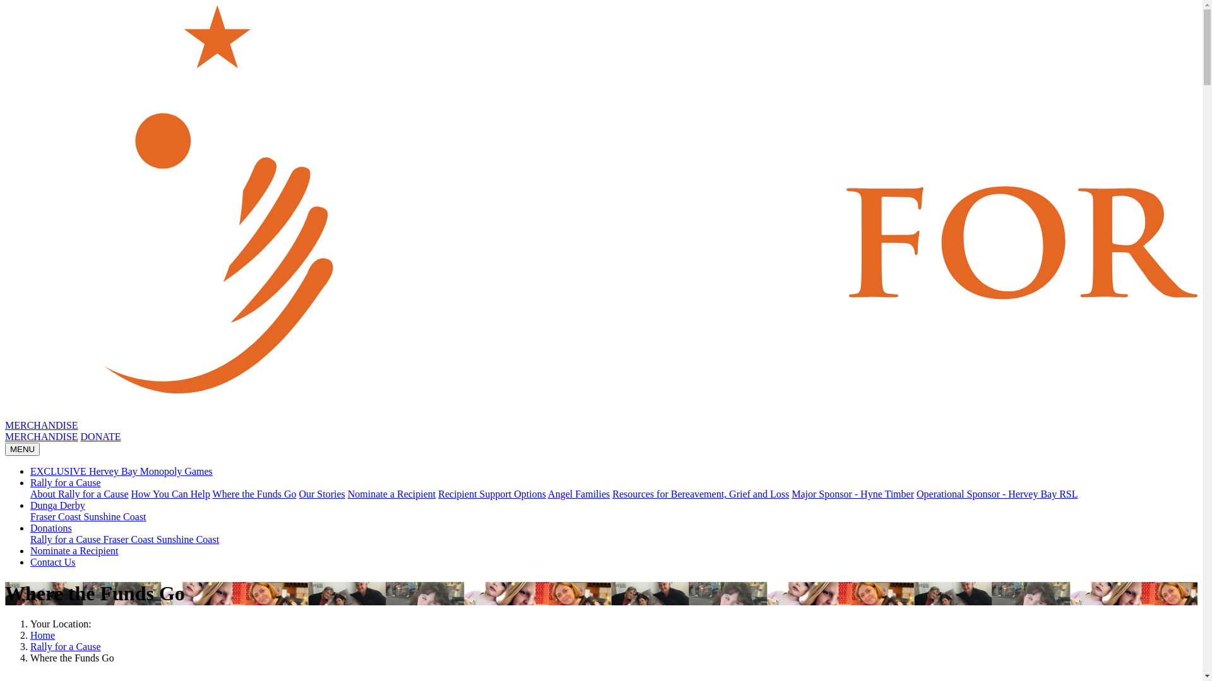 This screenshot has width=1212, height=681. I want to click on 'About Rally for a Cause', so click(78, 493).